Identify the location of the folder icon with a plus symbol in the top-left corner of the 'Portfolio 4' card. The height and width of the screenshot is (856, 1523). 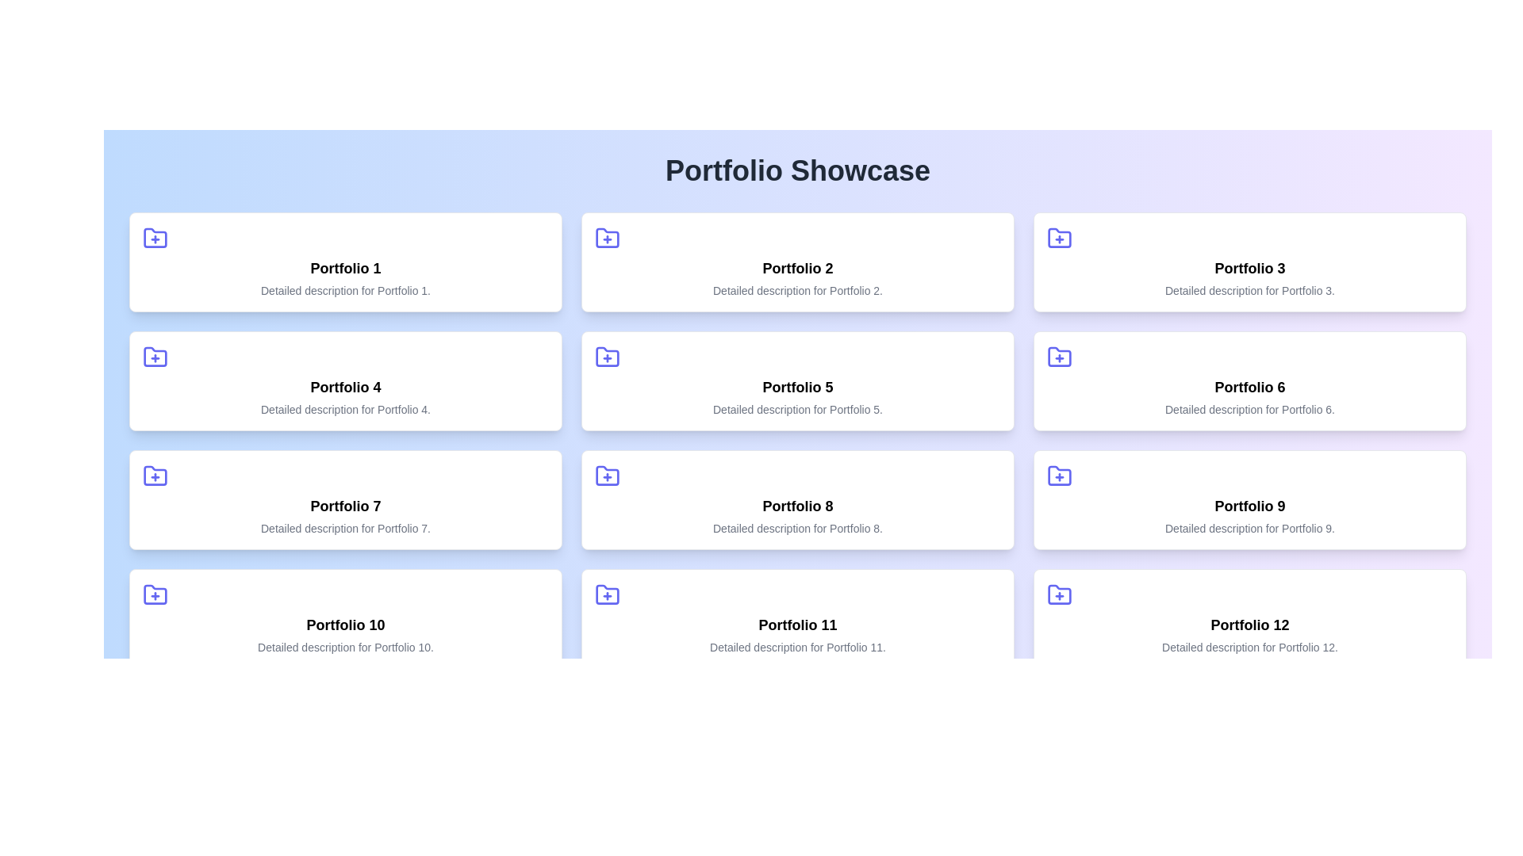
(155, 357).